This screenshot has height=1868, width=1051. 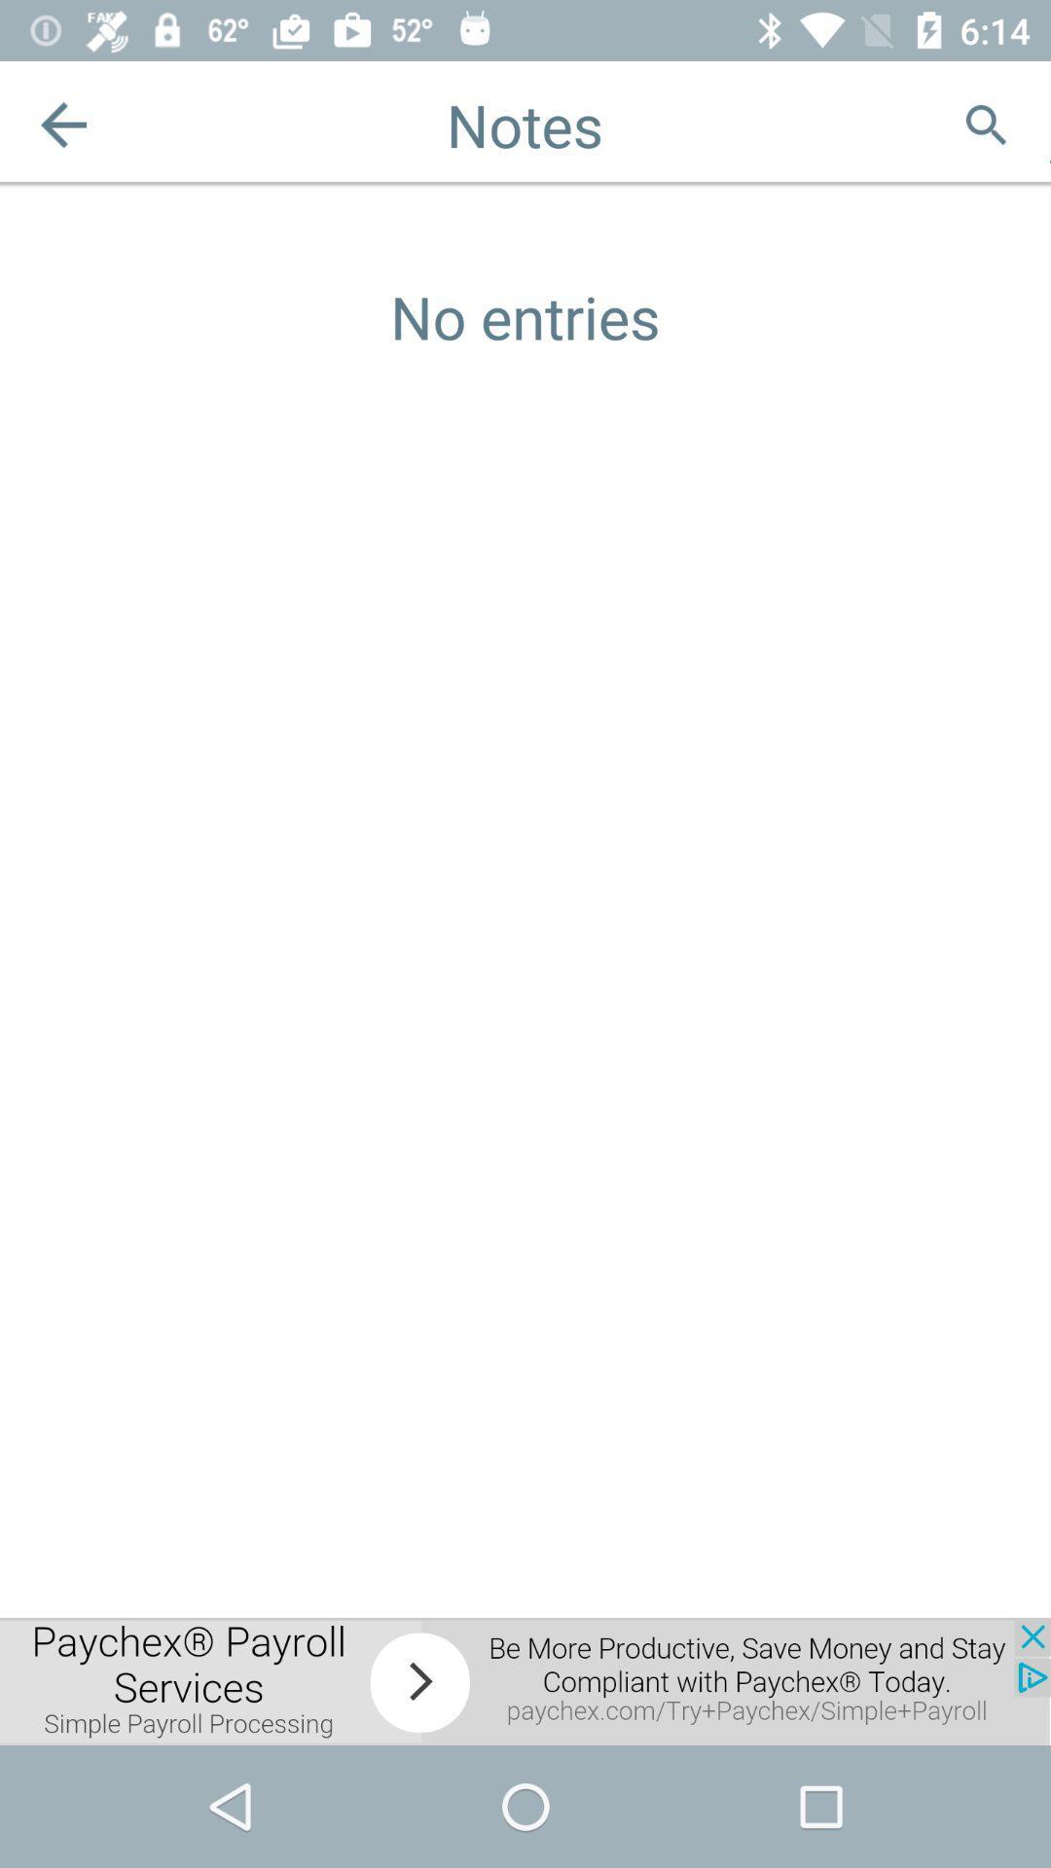 I want to click on search, so click(x=986, y=124).